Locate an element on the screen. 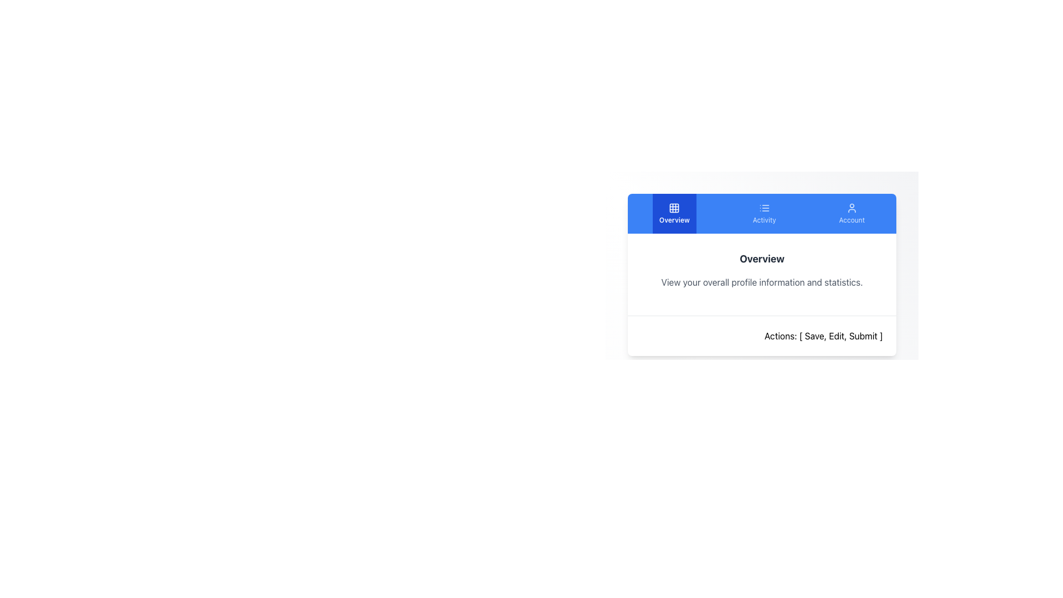 Image resolution: width=1063 pixels, height=598 pixels. the 'Overview' icon button is located at coordinates (674, 208).